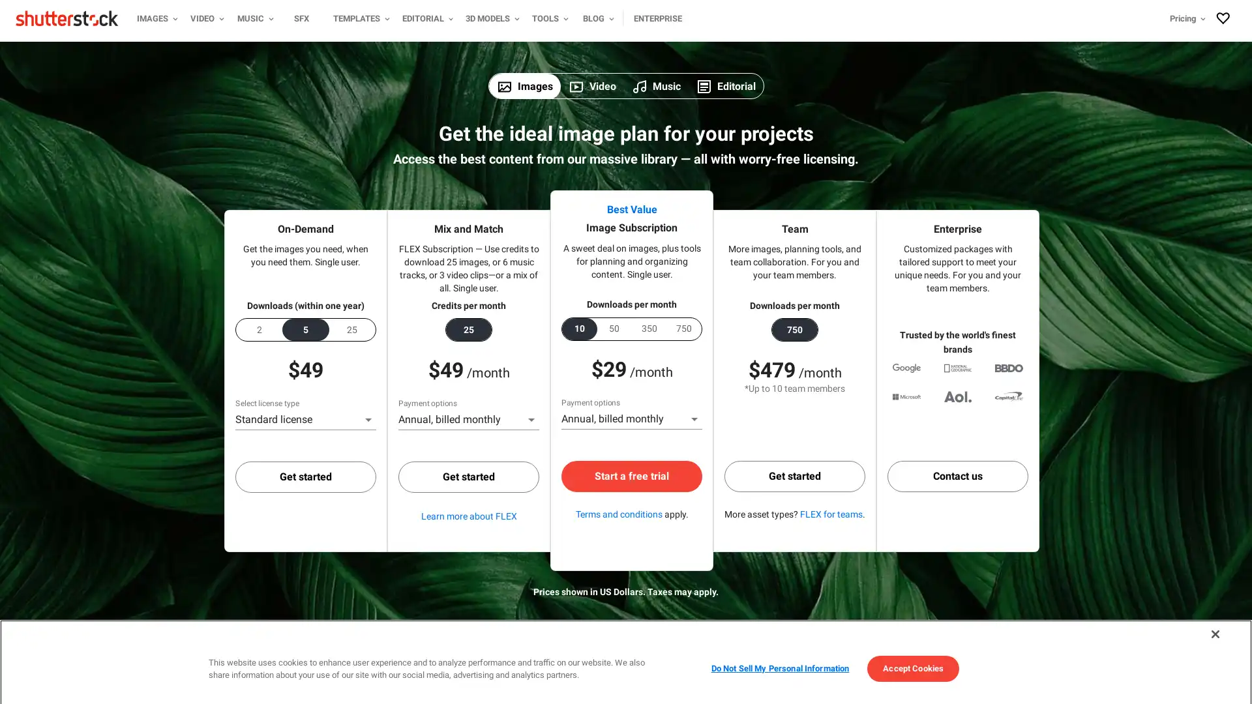 The width and height of the screenshot is (1252, 704). Describe the element at coordinates (794, 477) in the screenshot. I see `Get started` at that location.